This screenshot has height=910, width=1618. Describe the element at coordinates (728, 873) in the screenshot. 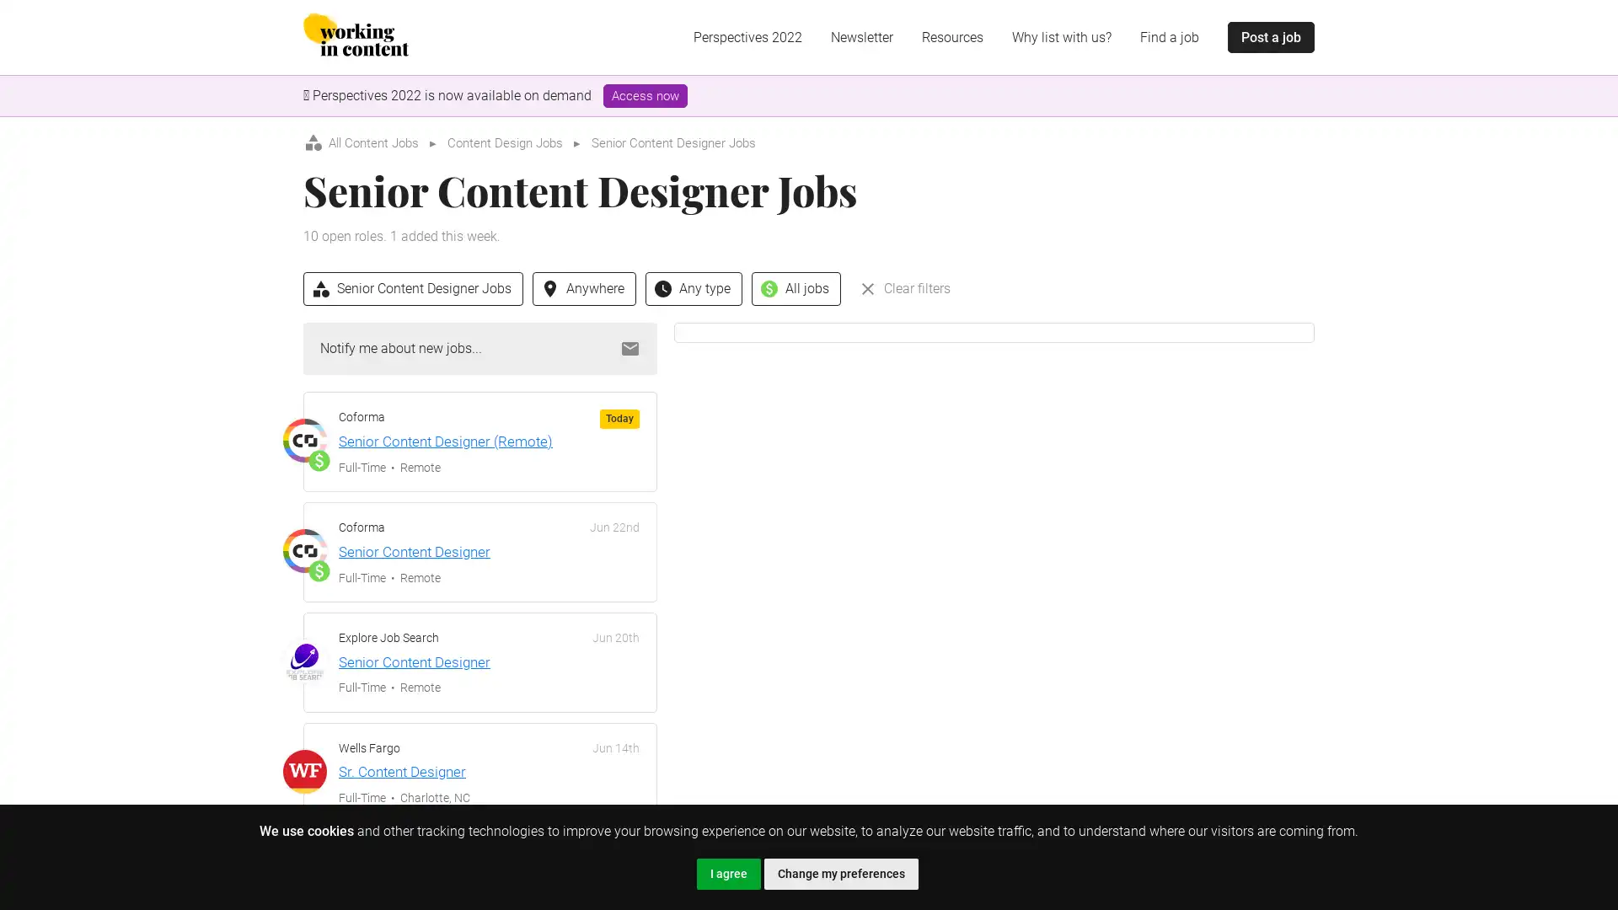

I see `I agree` at that location.